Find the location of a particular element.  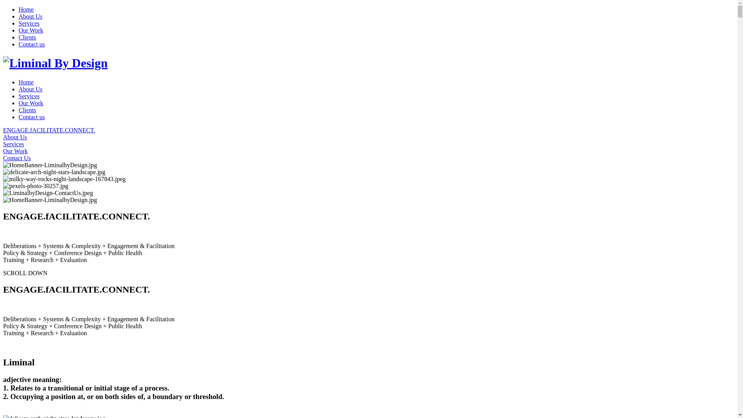

'Services' is located at coordinates (29, 23).